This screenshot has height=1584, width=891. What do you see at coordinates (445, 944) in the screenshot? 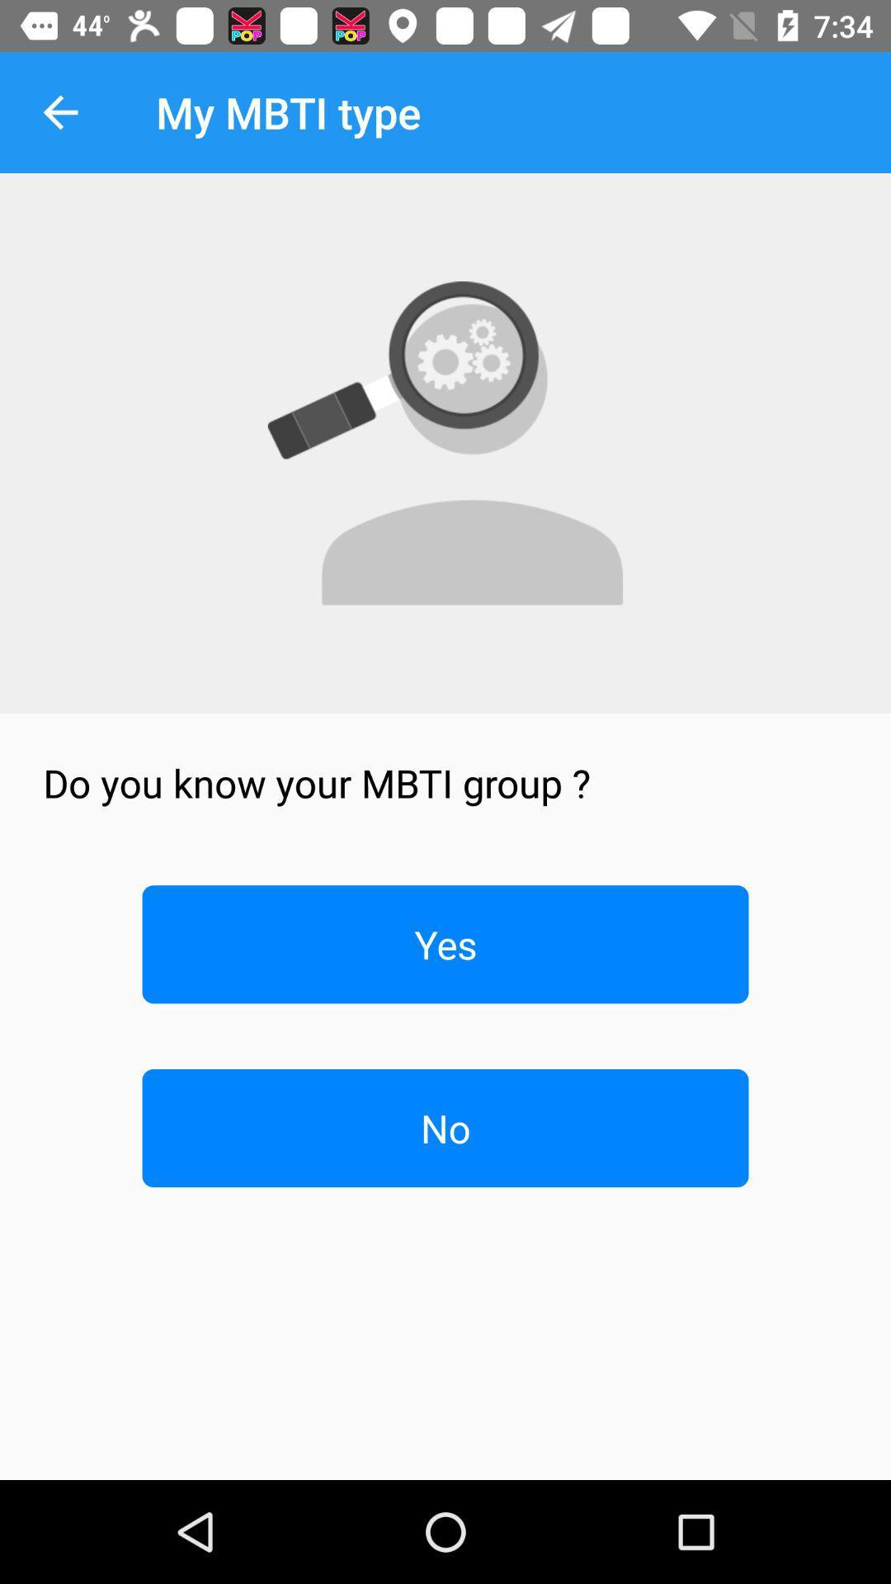
I see `yes item` at bounding box center [445, 944].